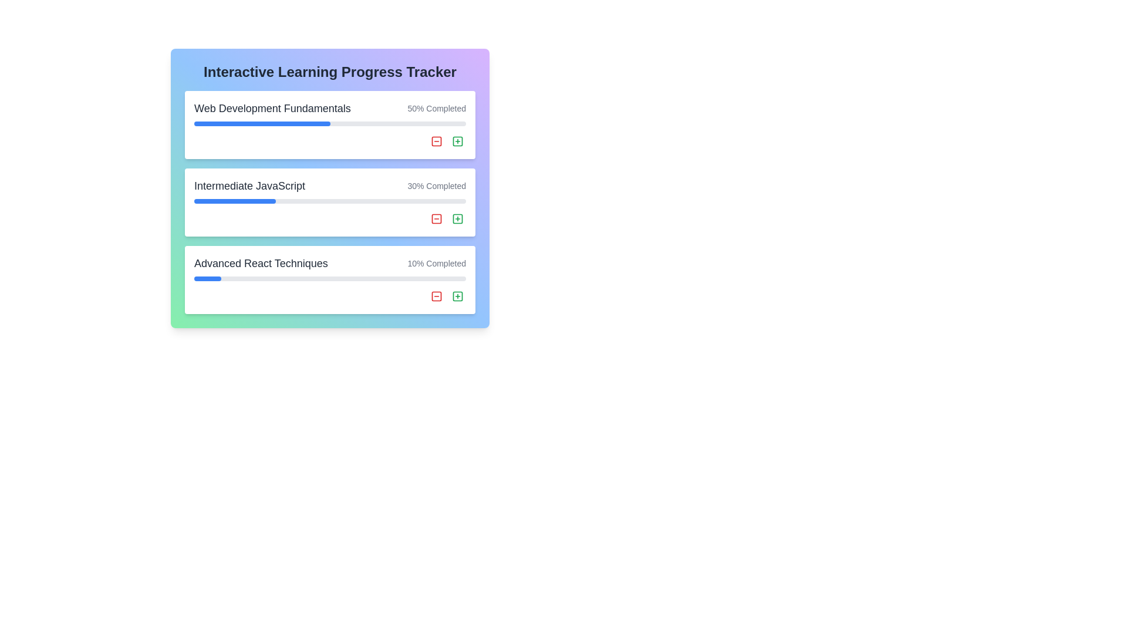  What do you see at coordinates (260, 262) in the screenshot?
I see `the Static Text Label that reads 'Advanced React Techniques', positioned in the third row of the progress tracker layout` at bounding box center [260, 262].